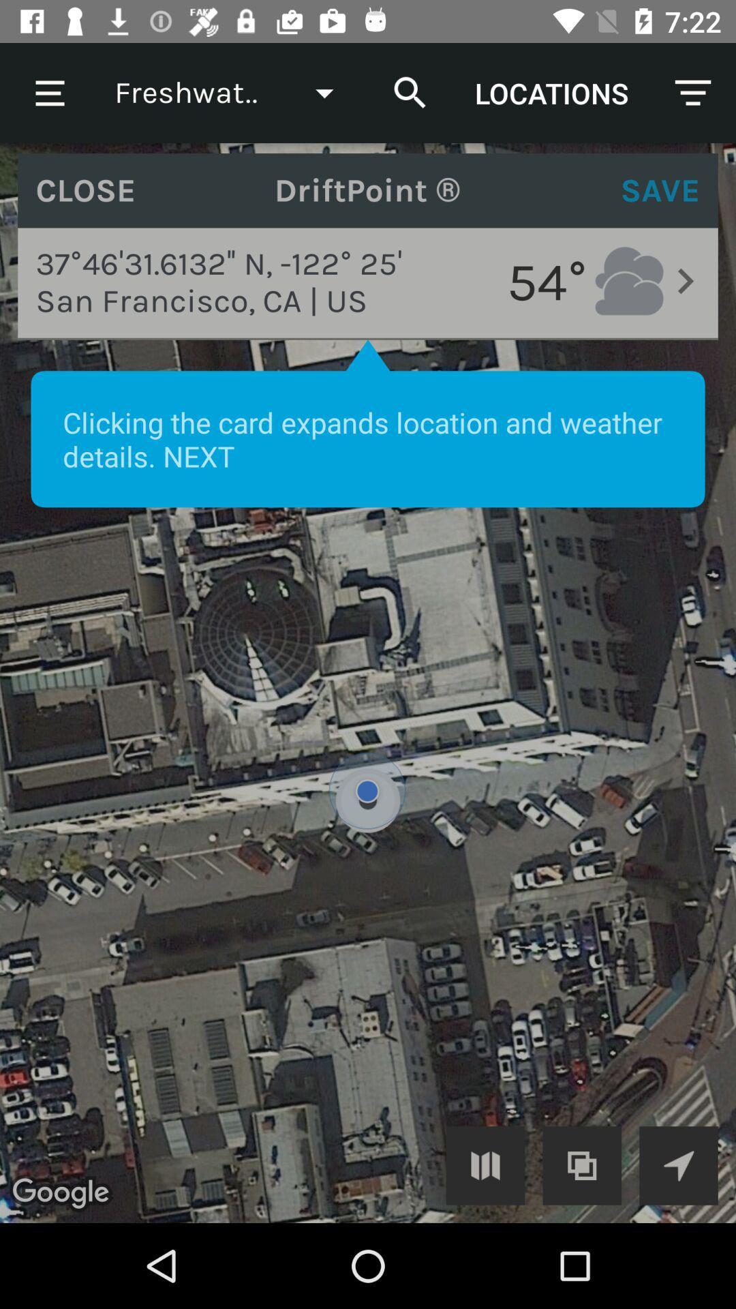 The width and height of the screenshot is (736, 1309). I want to click on arrow, so click(678, 1164).